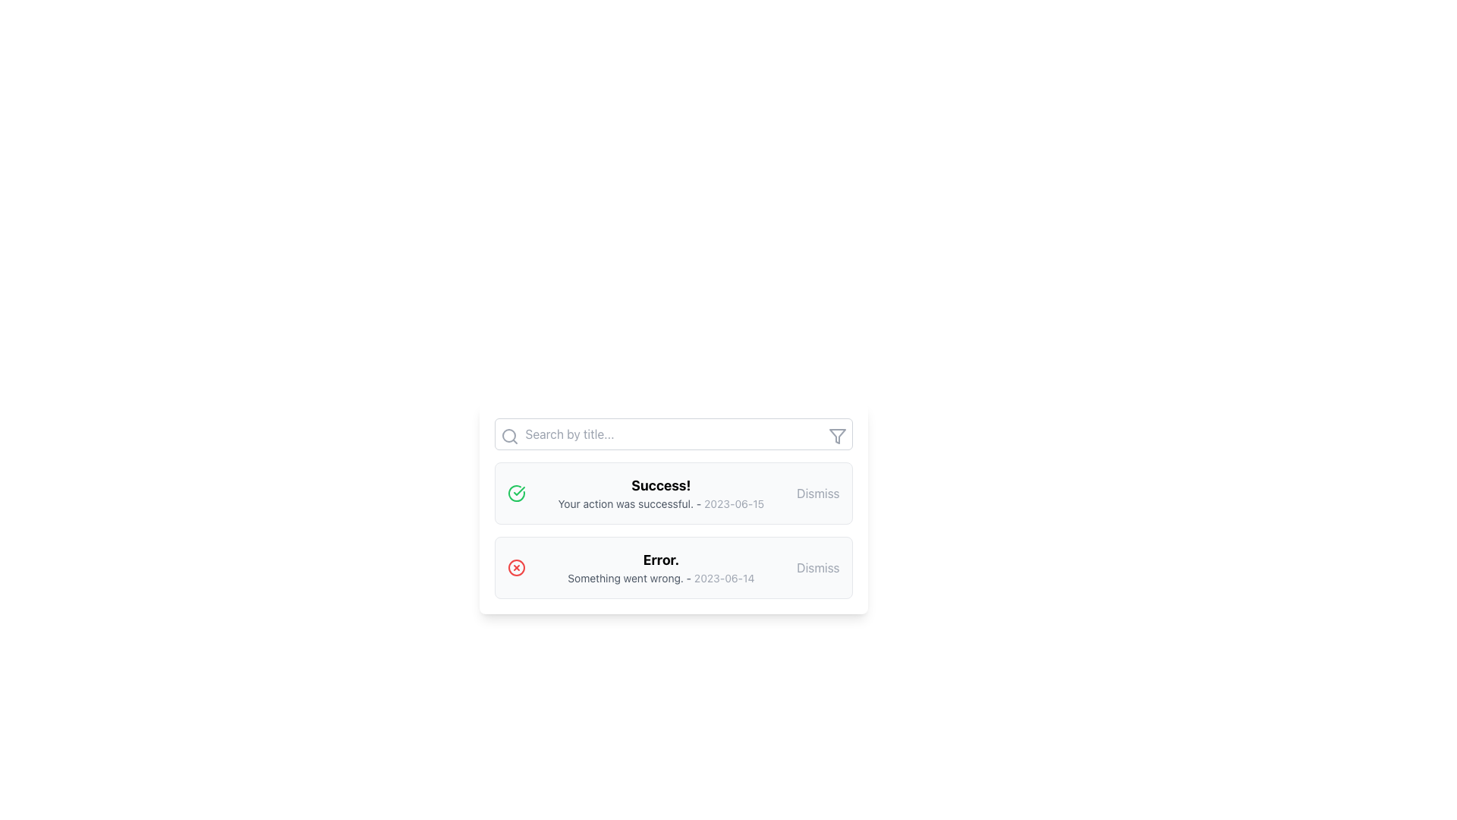 The height and width of the screenshot is (820, 1457). Describe the element at coordinates (836, 436) in the screenshot. I see `the triangular filter icon, which has a thin border and is positioned at the top-right corner of the search bar, next to the search input field` at that location.